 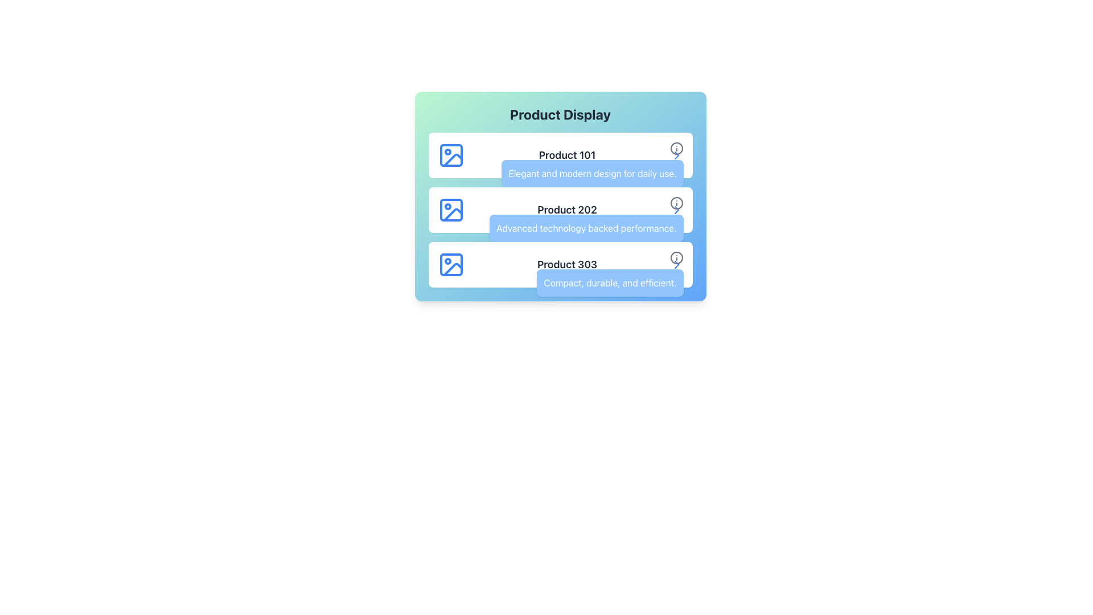 What do you see at coordinates (676, 203) in the screenshot?
I see `the circular informational icon with a gray outline and a white center, located to the right of the 'Product 202' title in the second row of the product list` at bounding box center [676, 203].